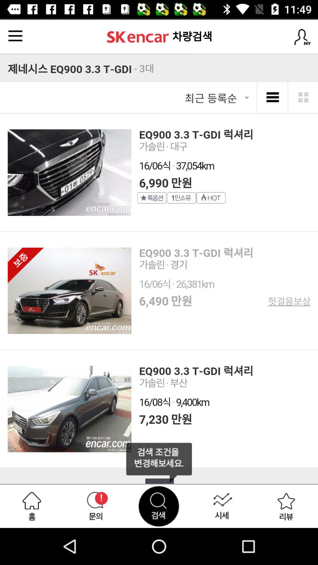  Describe the element at coordinates (159, 462) in the screenshot. I see `the book icon` at that location.